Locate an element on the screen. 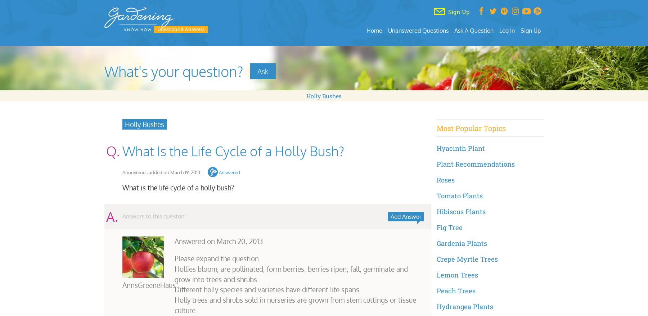 The width and height of the screenshot is (648, 316). 'AnnsGreeneHaus' is located at coordinates (149, 285).